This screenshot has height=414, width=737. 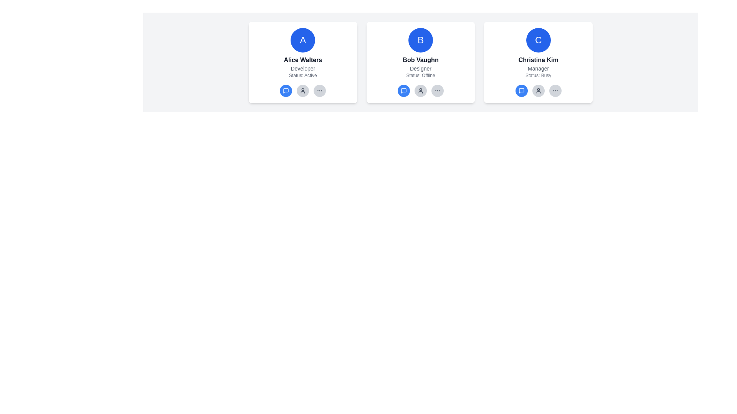 What do you see at coordinates (555, 90) in the screenshot?
I see `the menu button located at the rightmost position in the horizontal row below the profile card of 'Christina Kim, Manager, Status: Busy'` at bounding box center [555, 90].